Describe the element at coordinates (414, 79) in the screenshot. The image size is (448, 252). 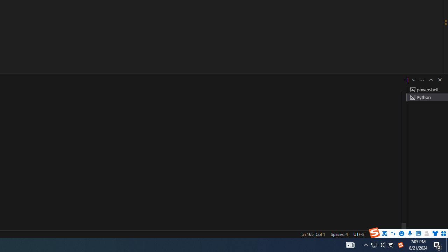
I see `'Launch Profile...'` at that location.